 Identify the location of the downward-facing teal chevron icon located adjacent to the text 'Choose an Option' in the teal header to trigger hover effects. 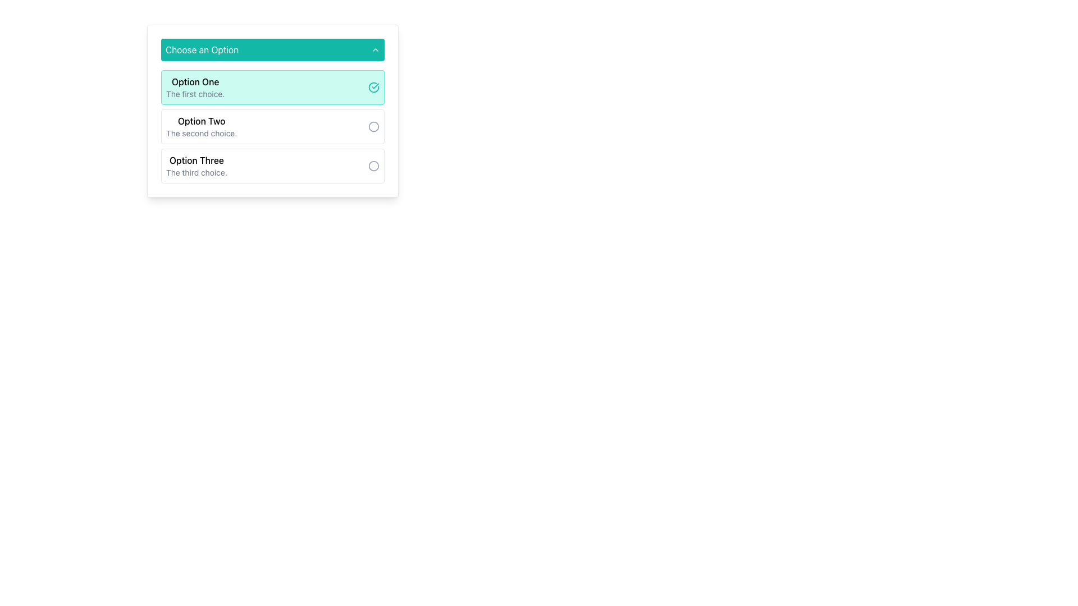
(375, 49).